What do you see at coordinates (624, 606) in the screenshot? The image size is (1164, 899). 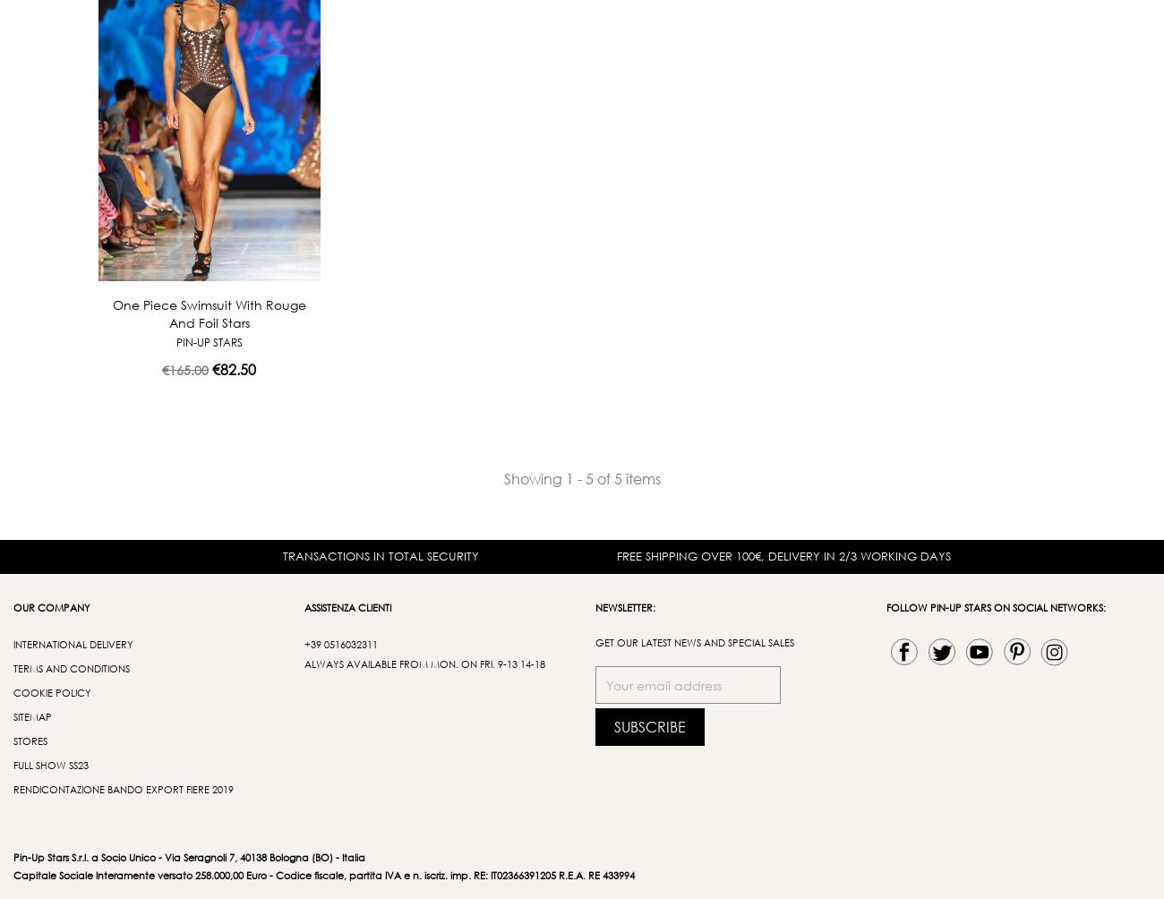 I see `'Newsletter:'` at bounding box center [624, 606].